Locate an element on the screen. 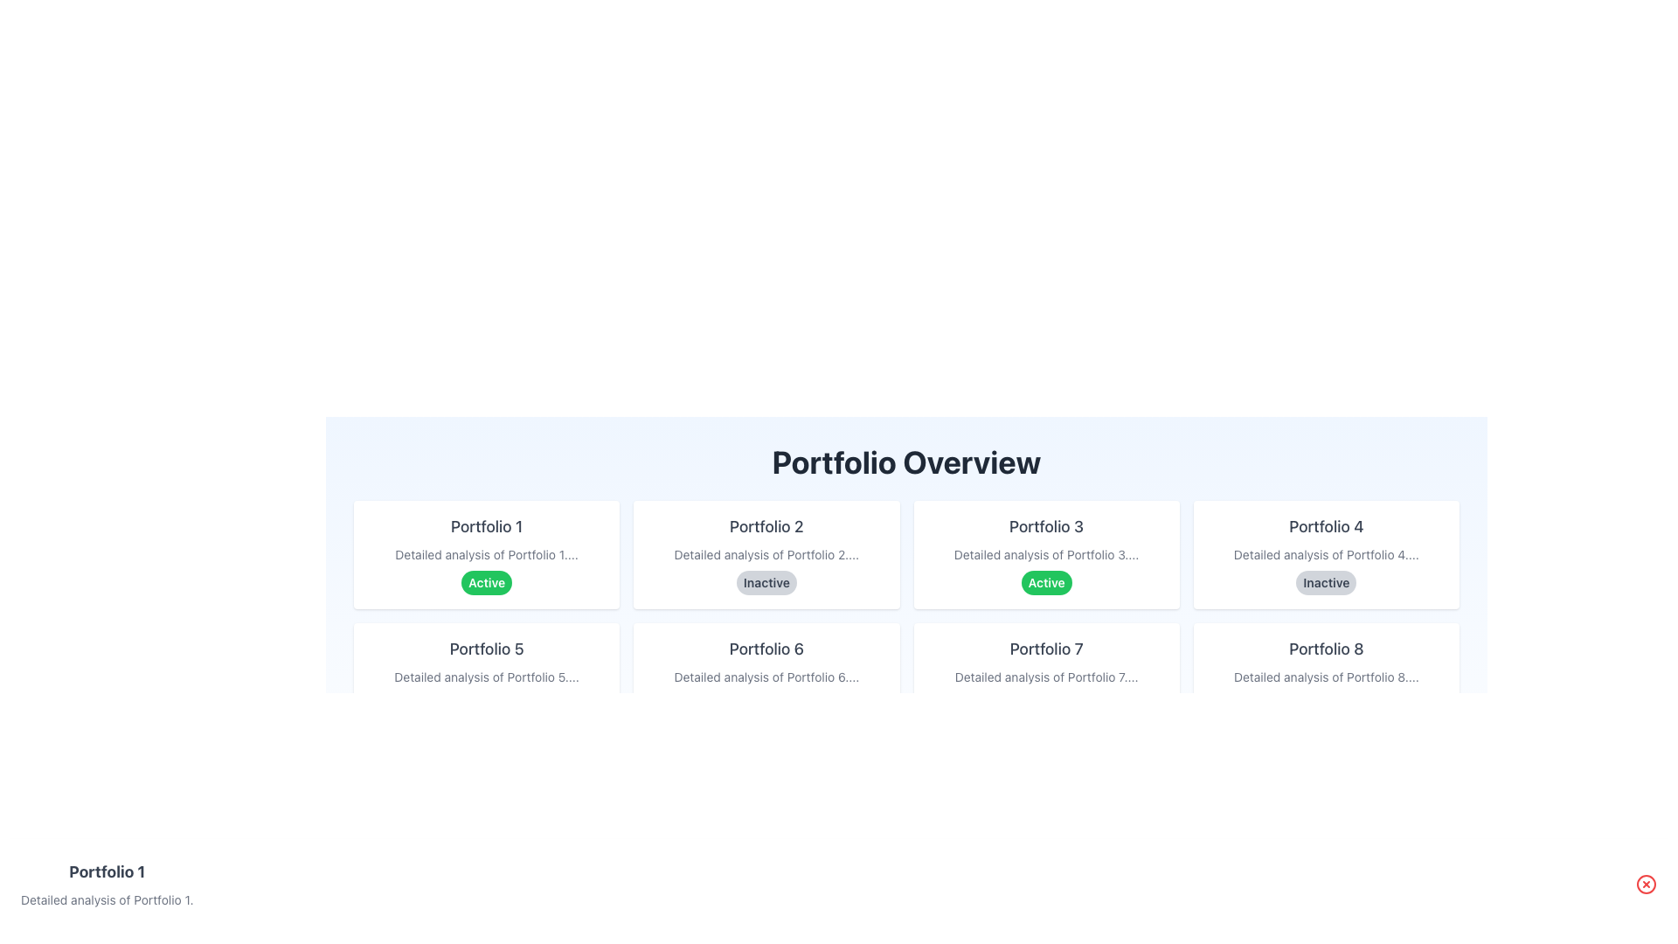  the first card in the grid layout, which has a white background, rounded corners, and contains a title, description, and an 'Active' badge is located at coordinates (487, 555).